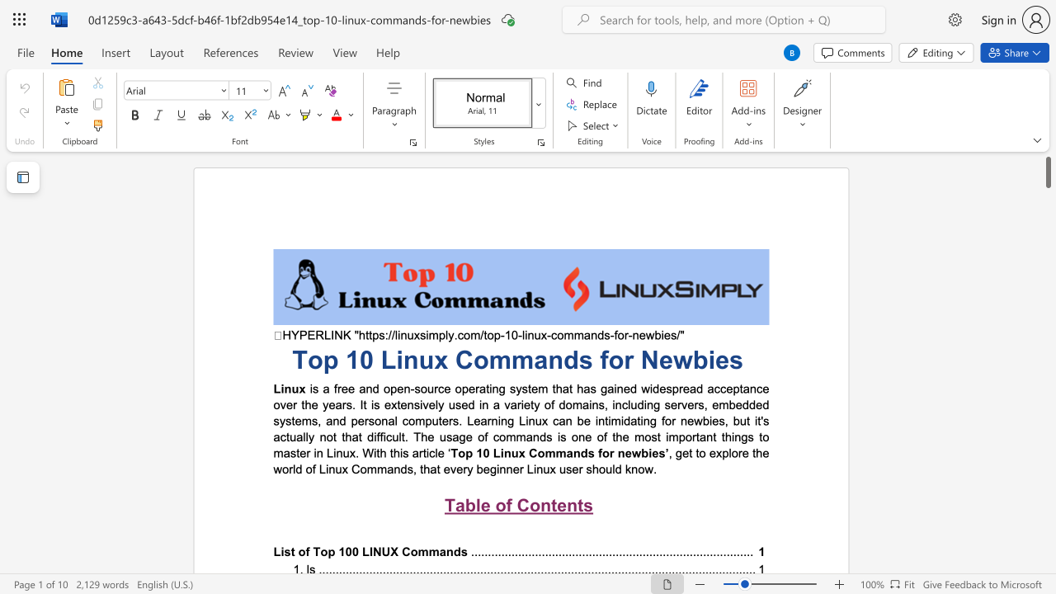 This screenshot has height=594, width=1056. I want to click on the space between the continuous character "e" and "s" in the text, so click(728, 359).